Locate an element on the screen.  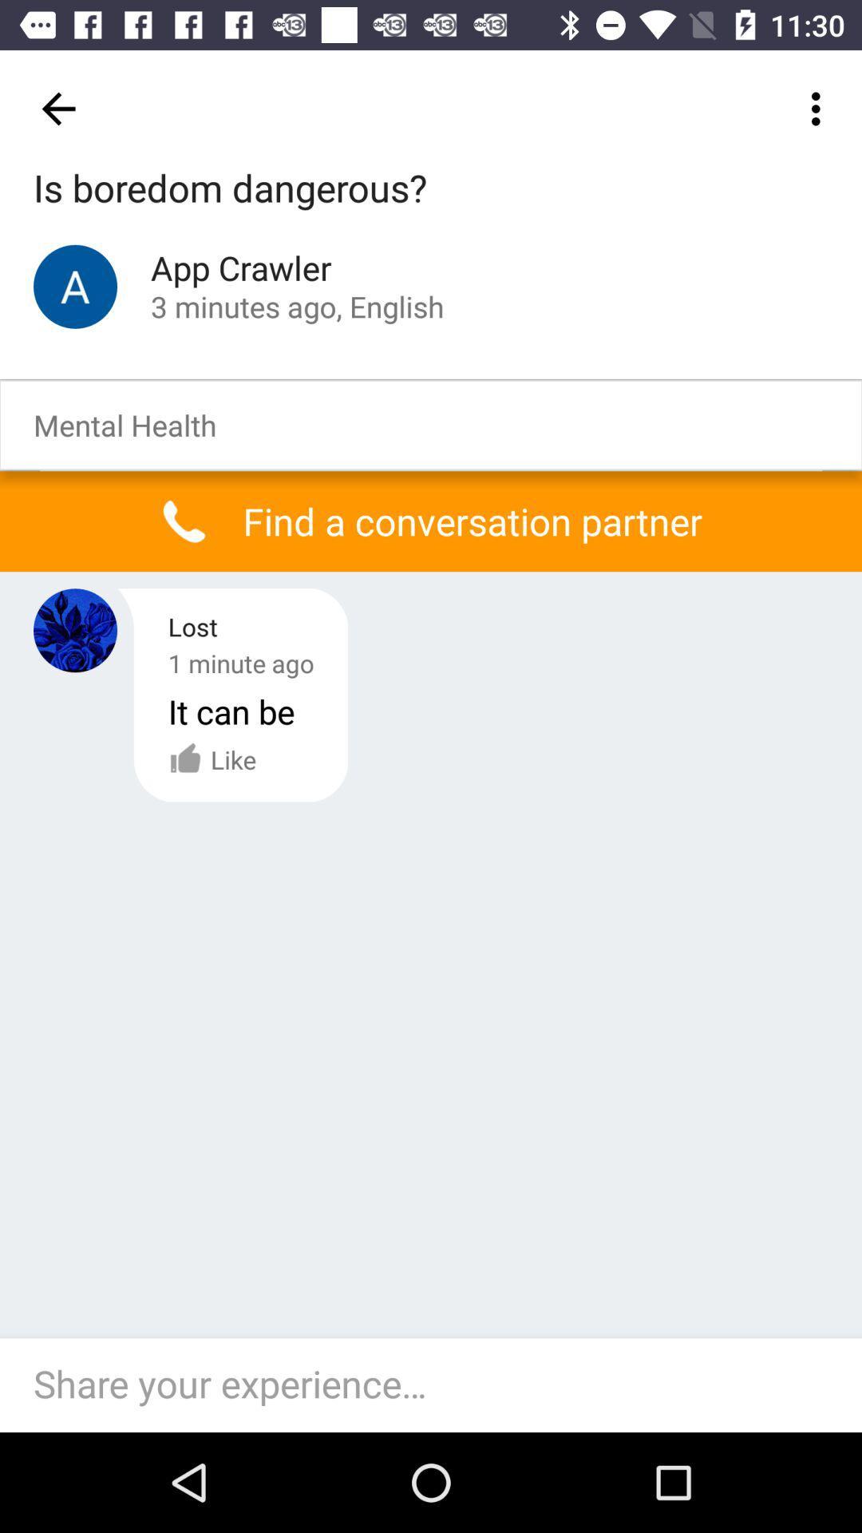
the icon below the 1 minute ago is located at coordinates (231, 711).